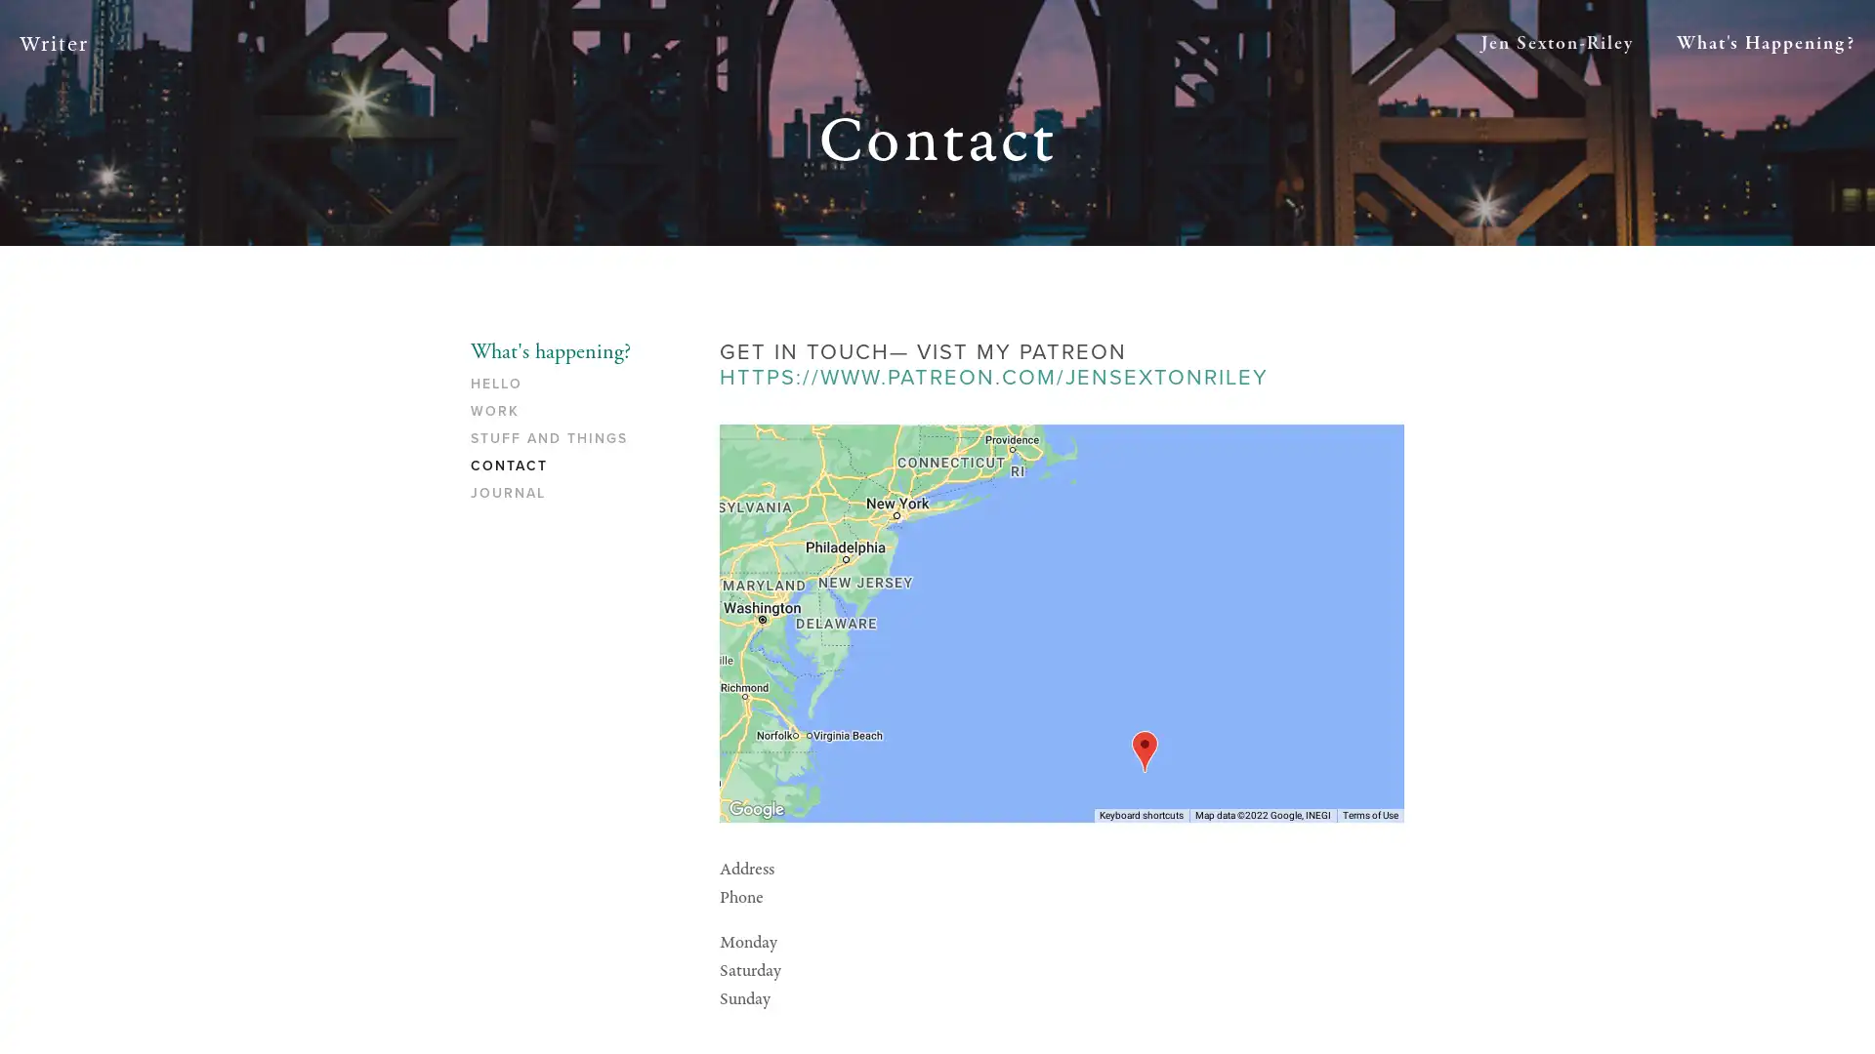 The width and height of the screenshot is (1875, 1054). What do you see at coordinates (1144, 750) in the screenshot?
I see `bass river, massachusetts, USA` at bounding box center [1144, 750].